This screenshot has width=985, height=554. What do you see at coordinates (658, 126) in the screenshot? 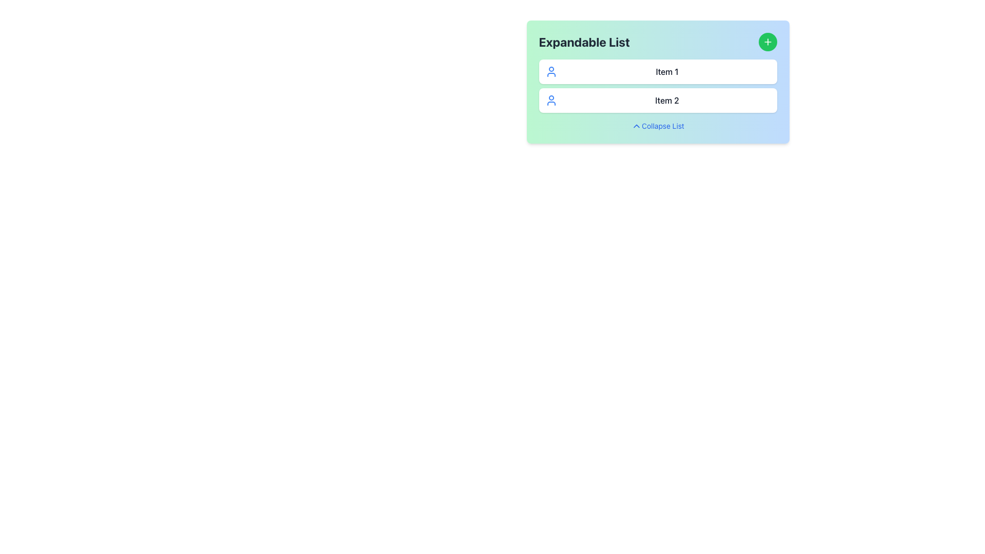
I see `the 'Collapse List' hyperlink, which is a blue underlined text link with an upward-pointing chevron icon` at bounding box center [658, 126].